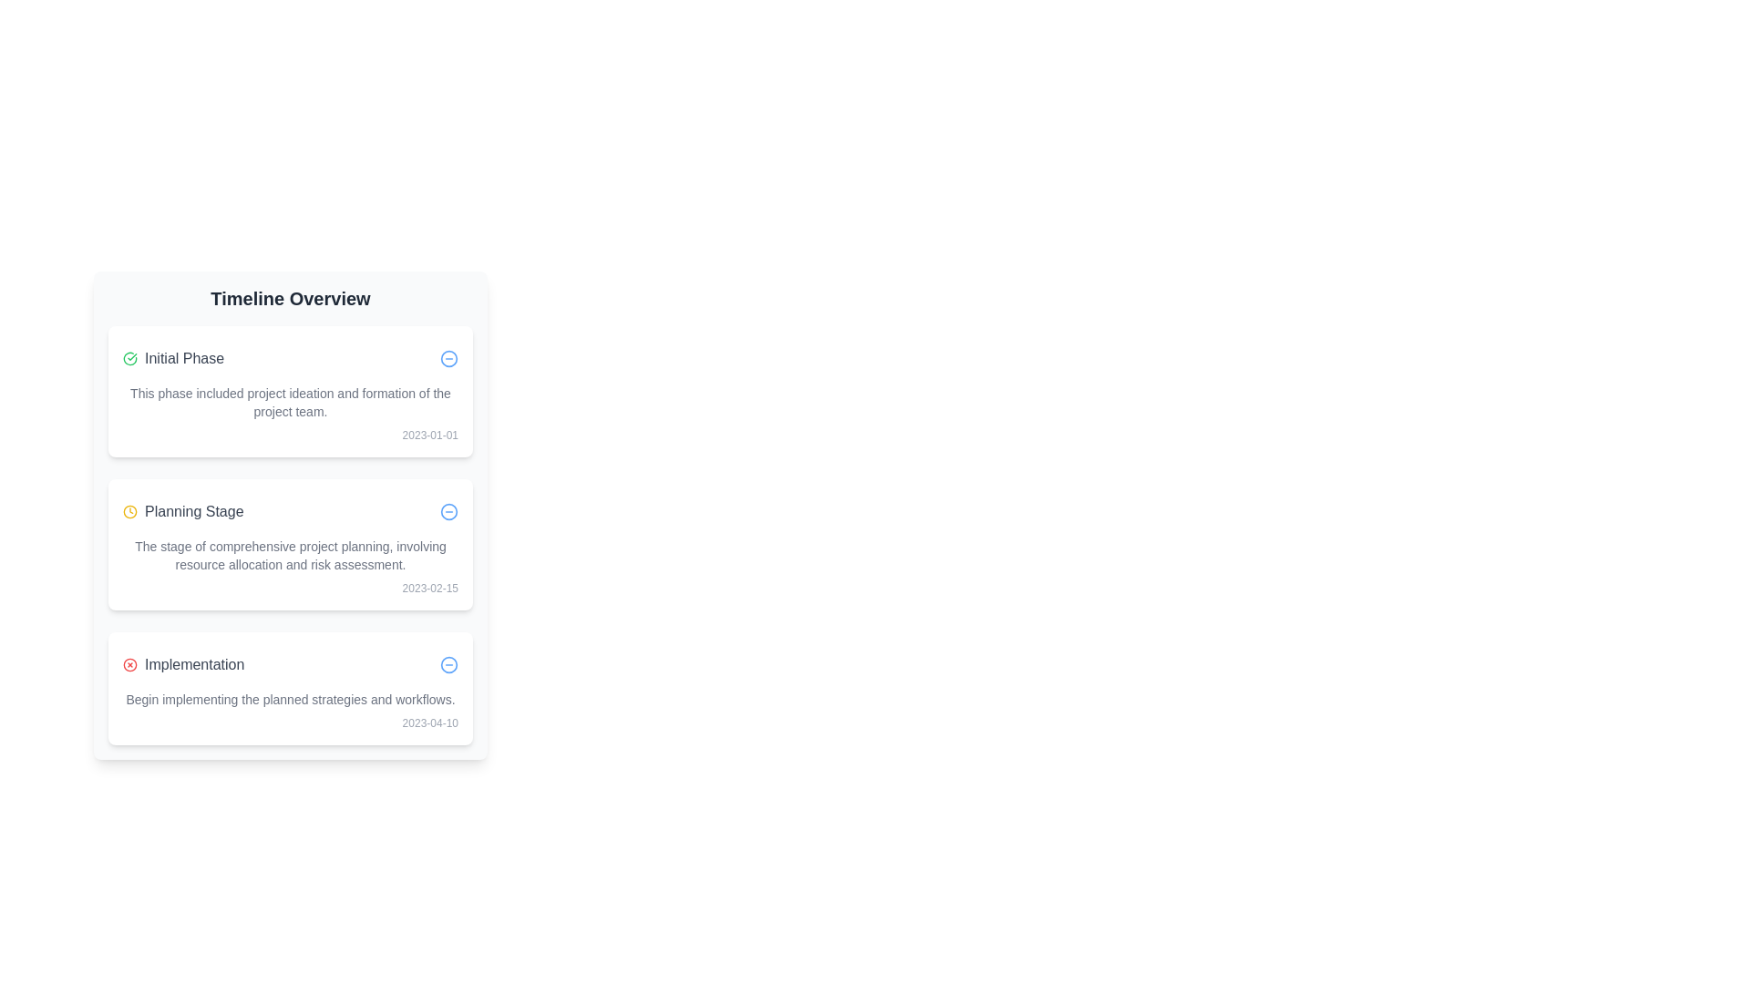 This screenshot has height=984, width=1750. What do you see at coordinates (129, 512) in the screenshot?
I see `the yellow circular outline in the center of the clock icon for the 'Planning Stage' timeline entry in the 'Timeline Overview' section` at bounding box center [129, 512].